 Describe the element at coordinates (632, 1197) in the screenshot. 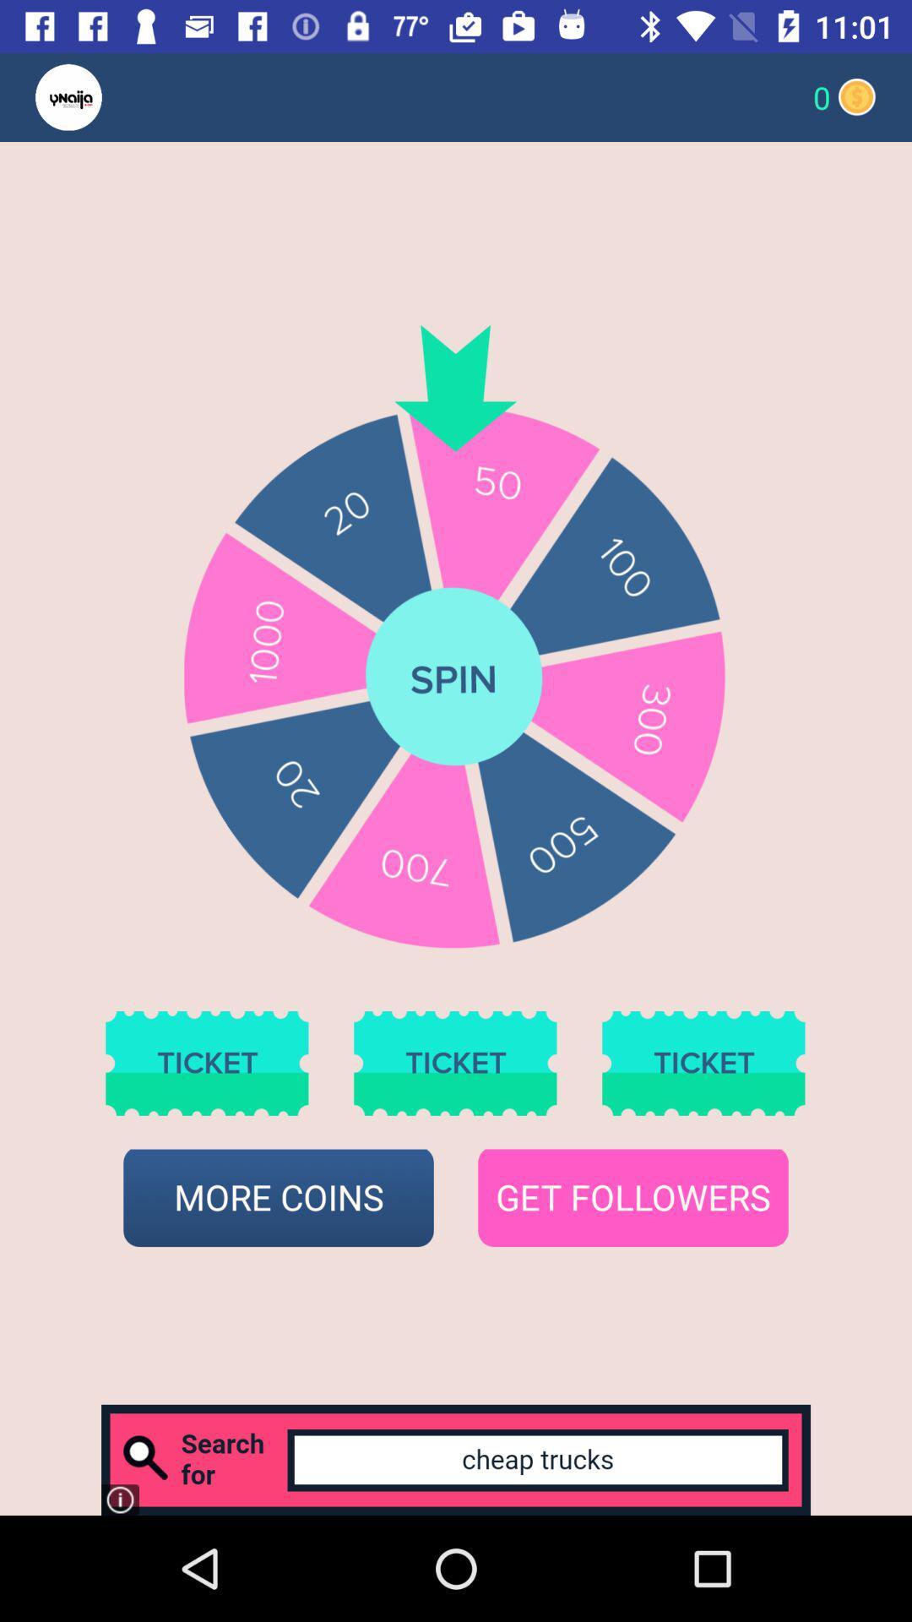

I see `the item to the right of the more coins` at that location.